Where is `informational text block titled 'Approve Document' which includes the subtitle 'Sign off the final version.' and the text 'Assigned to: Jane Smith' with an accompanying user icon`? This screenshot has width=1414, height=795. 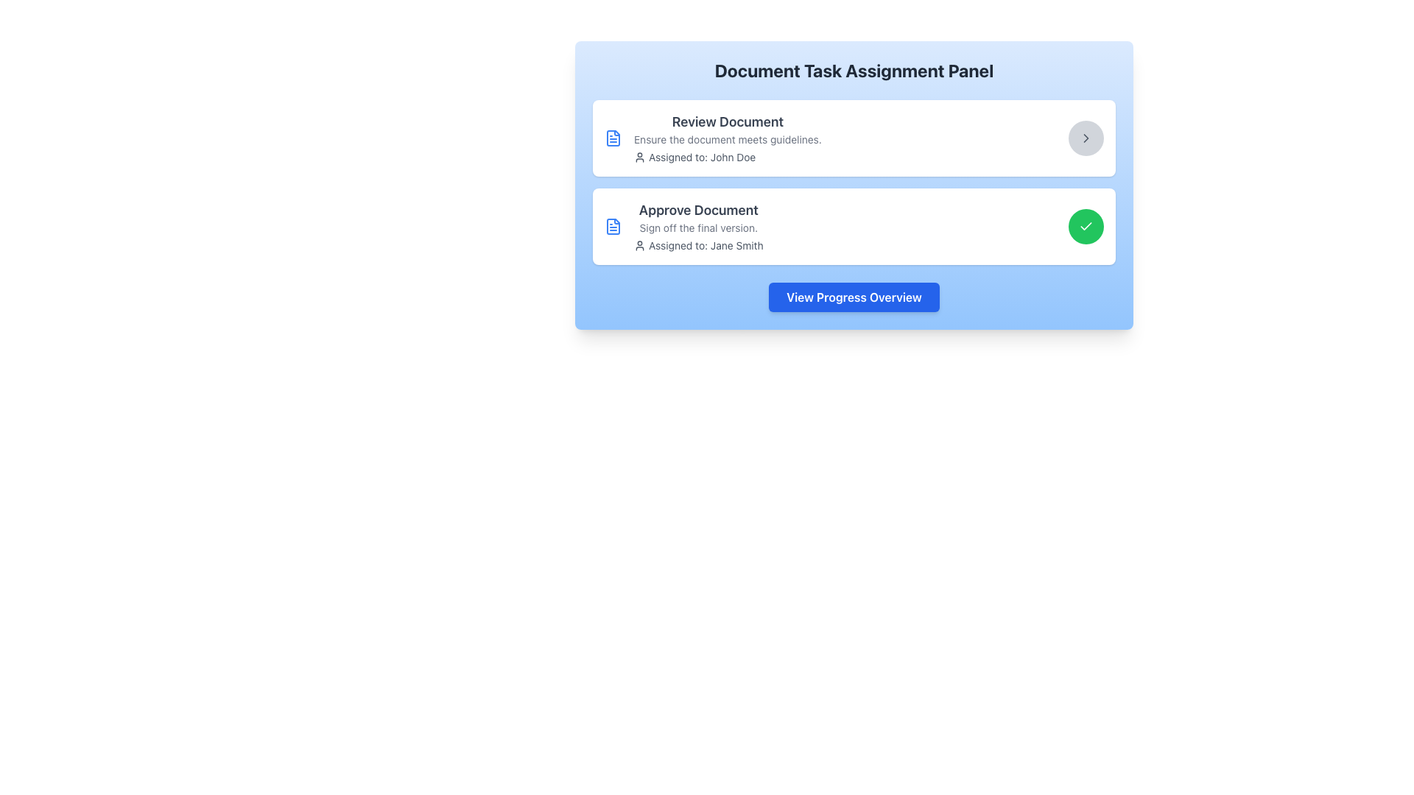 informational text block titled 'Approve Document' which includes the subtitle 'Sign off the final version.' and the text 'Assigned to: Jane Smith' with an accompanying user icon is located at coordinates (683, 227).